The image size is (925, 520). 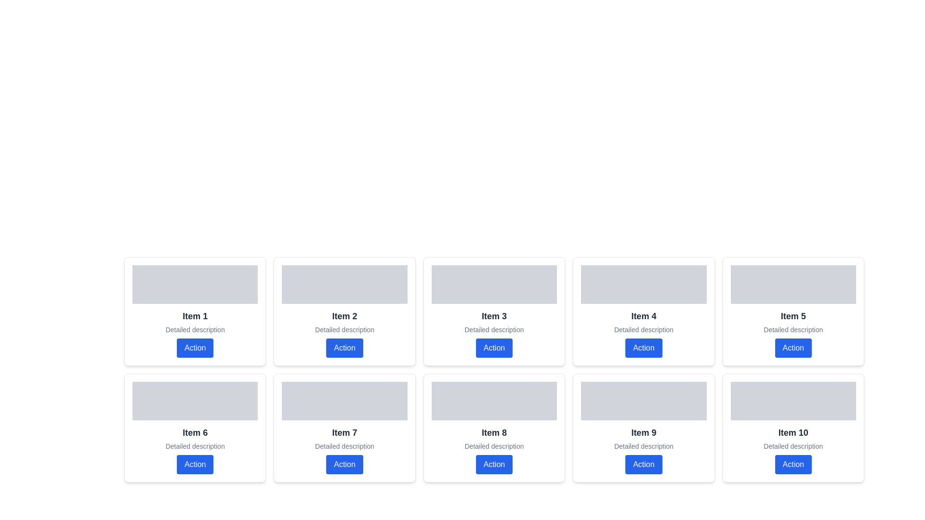 I want to click on the static text label that serves as a title for the second card in the first row of the grid layout, distinguishing it from 'Item 1' on the left and 'Item 3' on the right, so click(x=344, y=316).